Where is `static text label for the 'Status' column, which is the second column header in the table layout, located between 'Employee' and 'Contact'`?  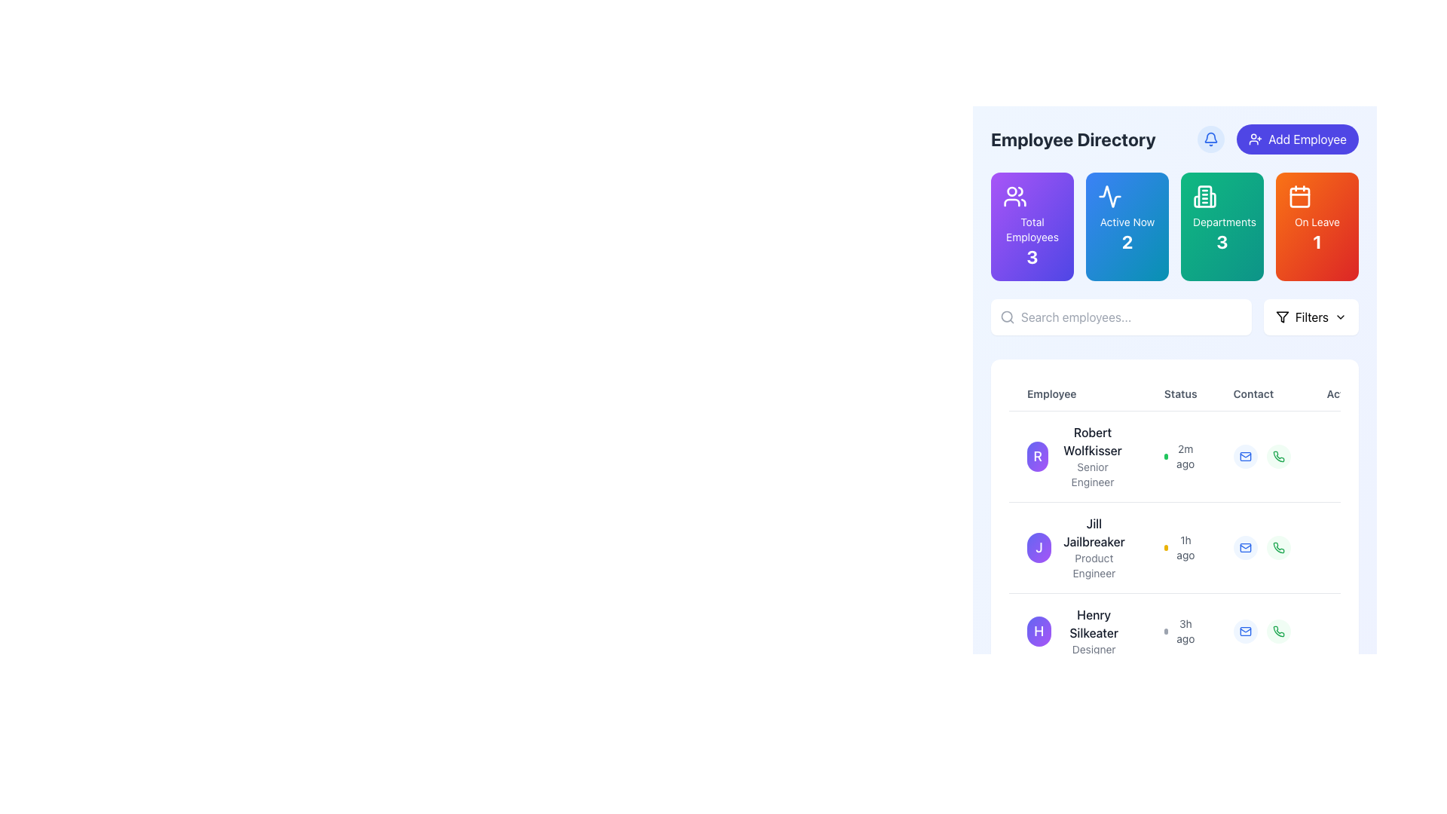 static text label for the 'Status' column, which is the second column header in the table layout, located between 'Employee' and 'Contact' is located at coordinates (1195, 393).